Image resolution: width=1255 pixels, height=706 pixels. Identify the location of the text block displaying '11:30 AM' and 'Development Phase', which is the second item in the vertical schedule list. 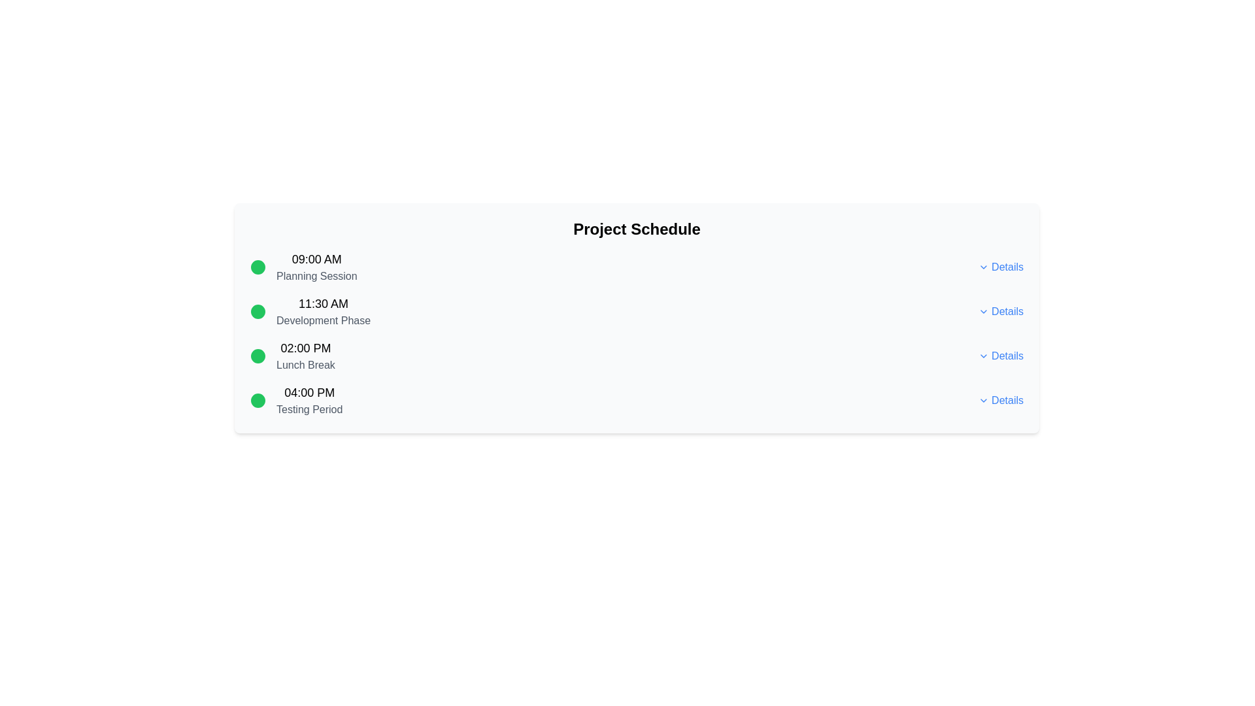
(323, 312).